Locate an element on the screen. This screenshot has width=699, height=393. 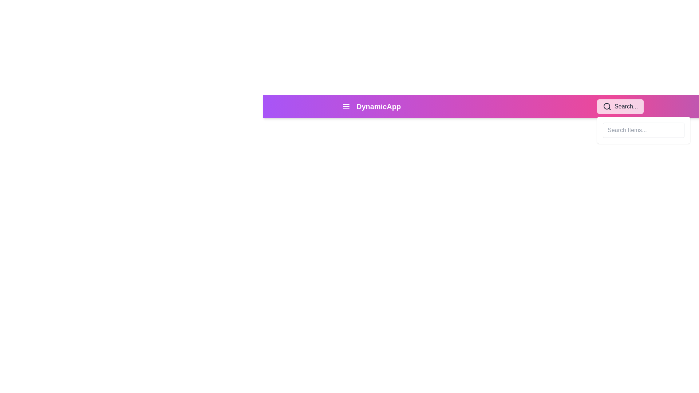
the text label 'DynamicApp' located in the horizontal navigation bar to the right of the hamburger menu icon is located at coordinates (379, 107).